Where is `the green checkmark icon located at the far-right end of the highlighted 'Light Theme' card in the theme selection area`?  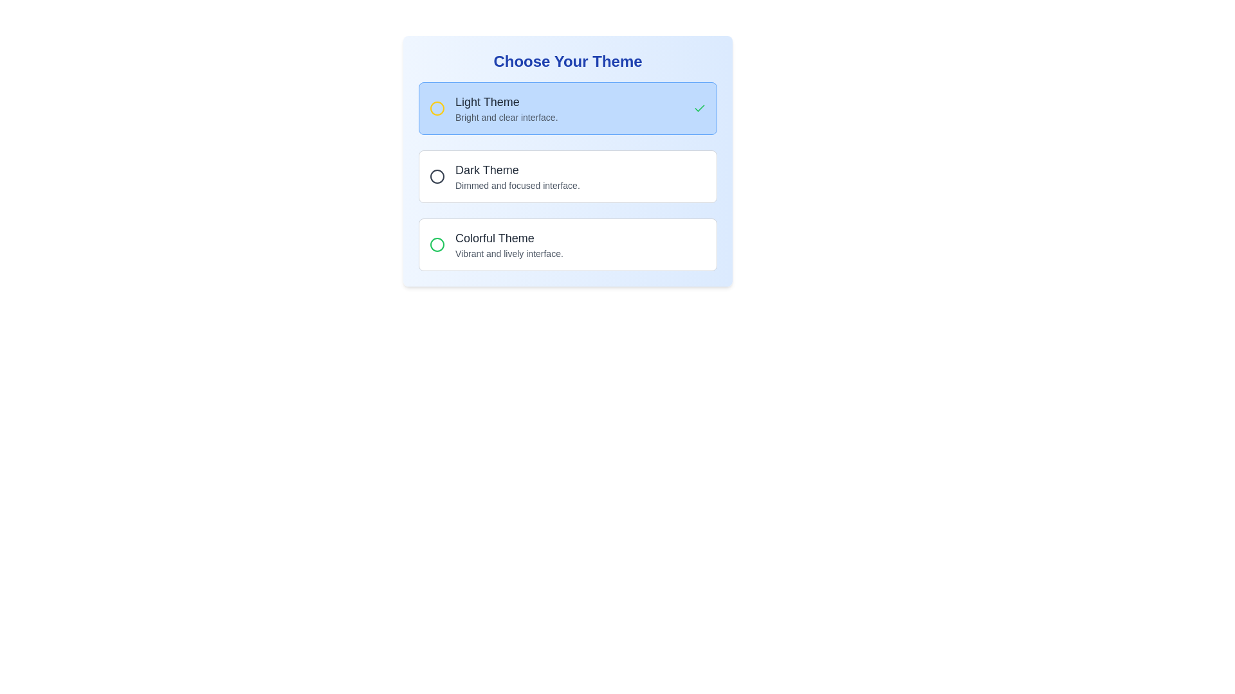 the green checkmark icon located at the far-right end of the highlighted 'Light Theme' card in the theme selection area is located at coordinates (699, 108).